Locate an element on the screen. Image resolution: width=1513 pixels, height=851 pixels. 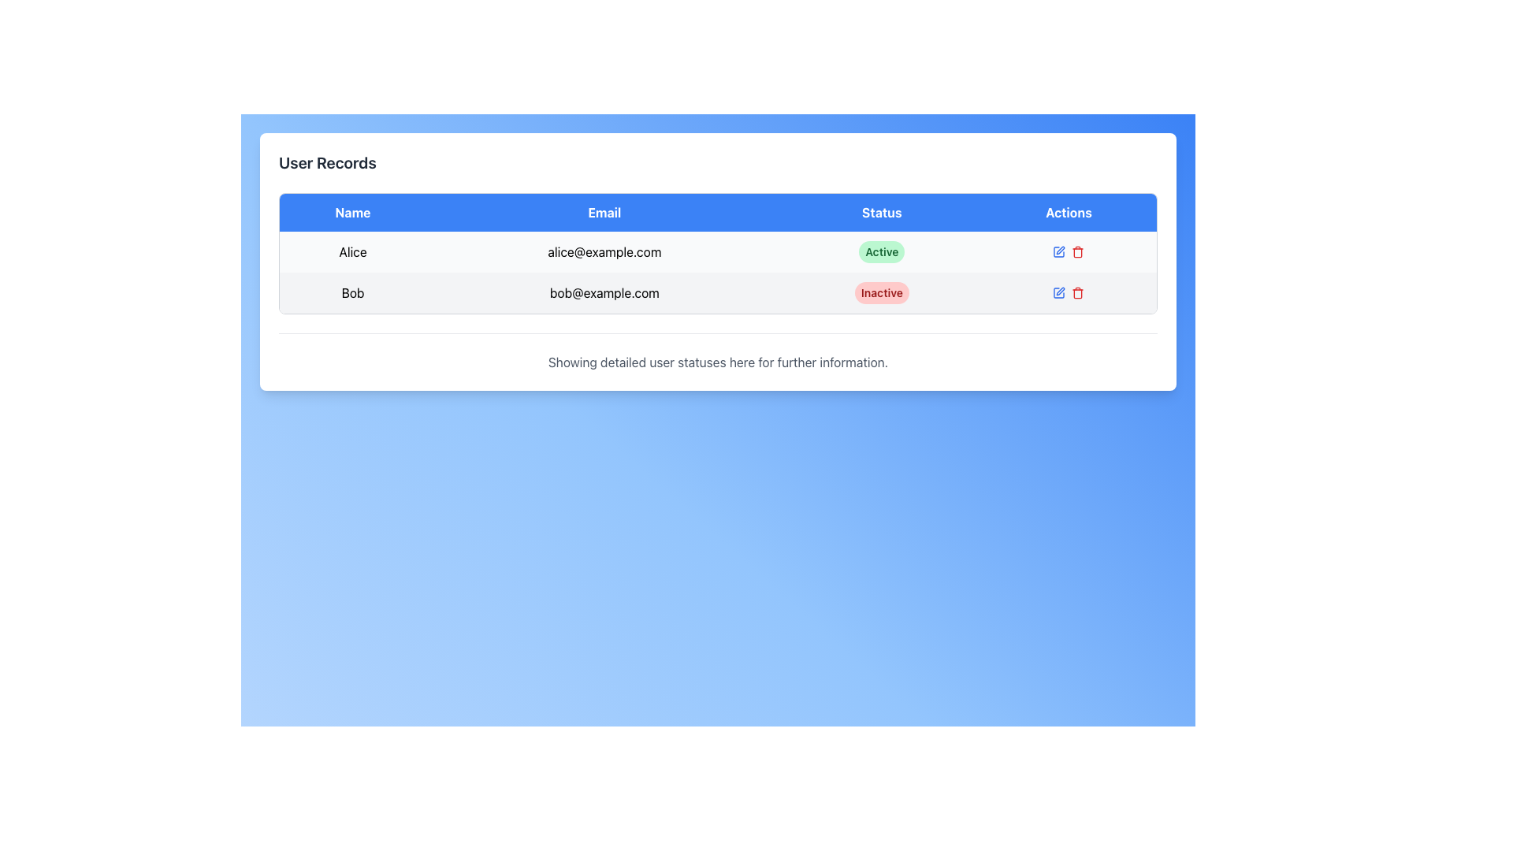
the text label displaying 'Showing detailed user statuses here for further information.' located below the user table to read it is located at coordinates (717, 362).